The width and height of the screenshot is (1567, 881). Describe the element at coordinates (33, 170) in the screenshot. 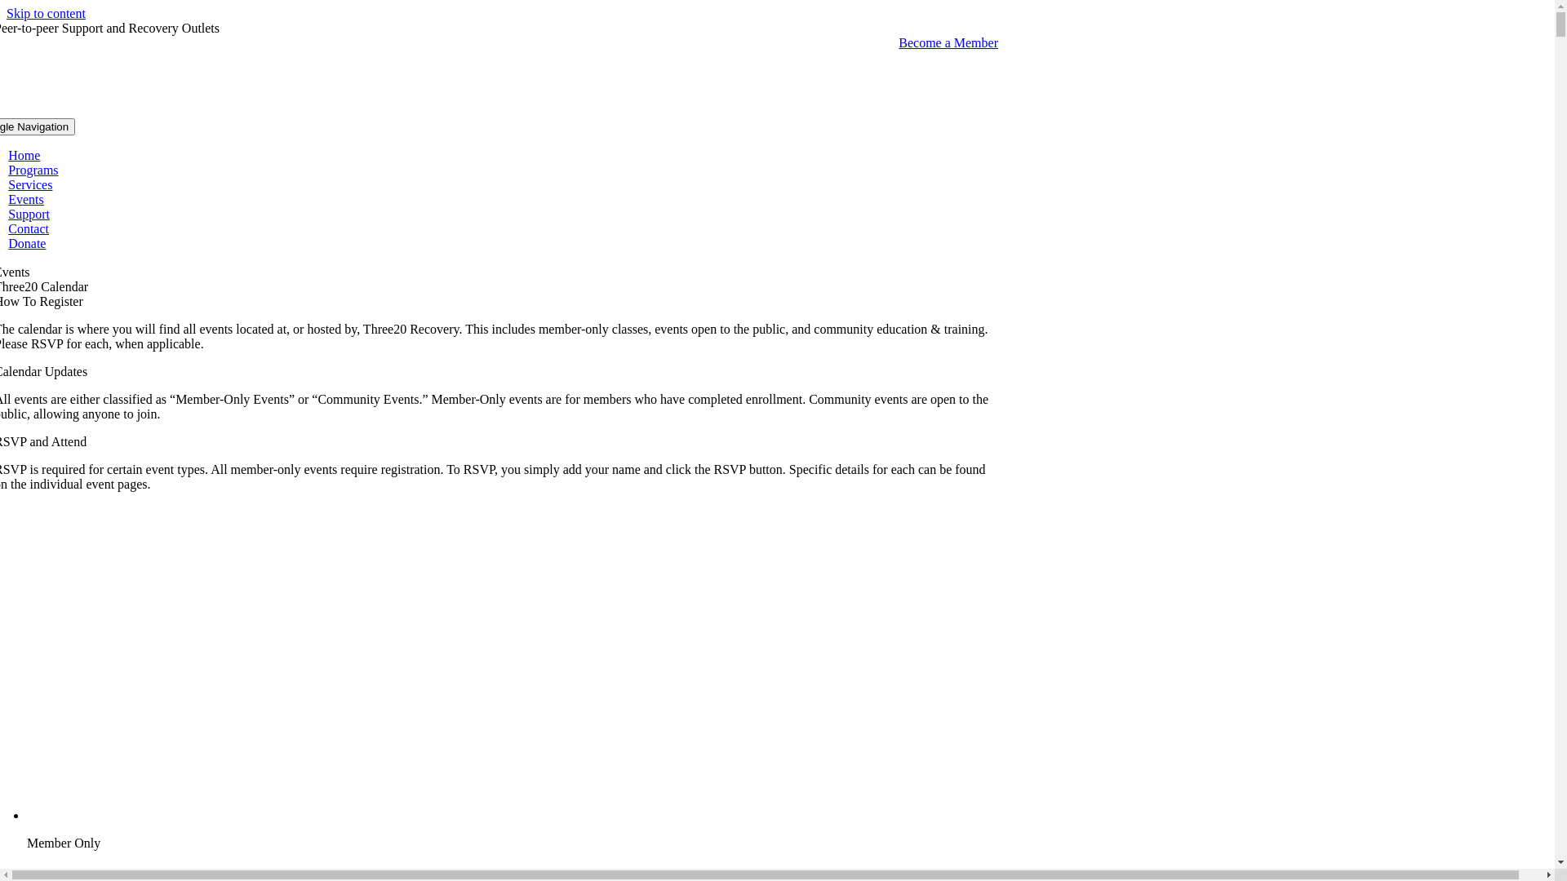

I see `'Programs'` at that location.